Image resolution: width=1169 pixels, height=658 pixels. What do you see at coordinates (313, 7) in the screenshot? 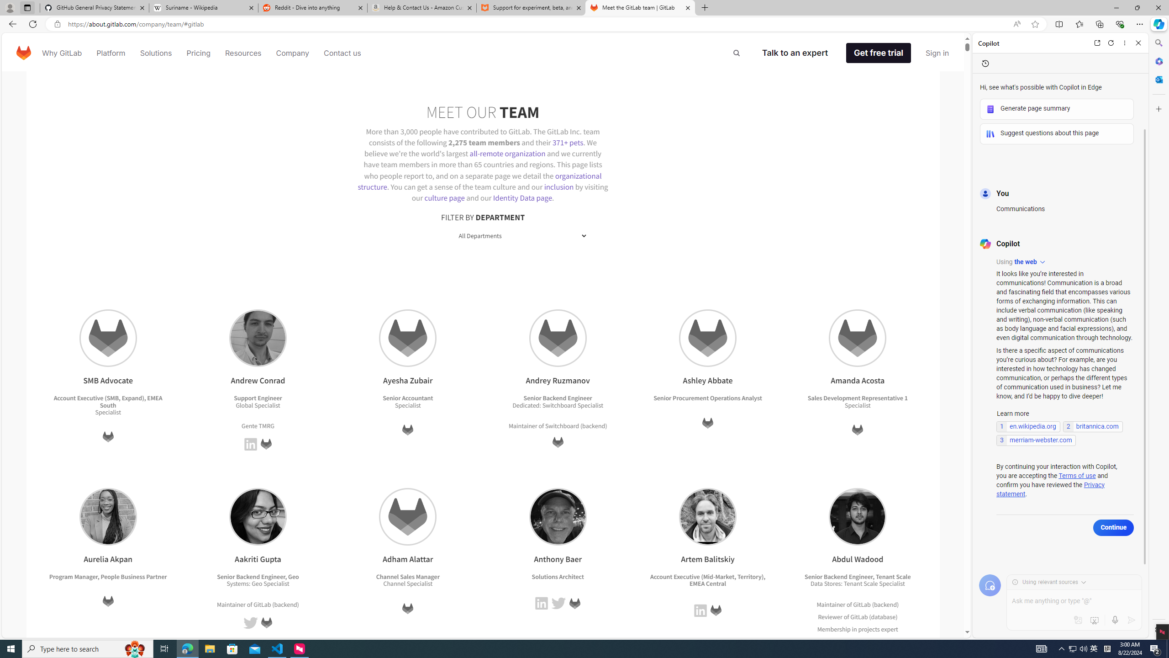
I see `'Reddit - Dive into anything'` at bounding box center [313, 7].